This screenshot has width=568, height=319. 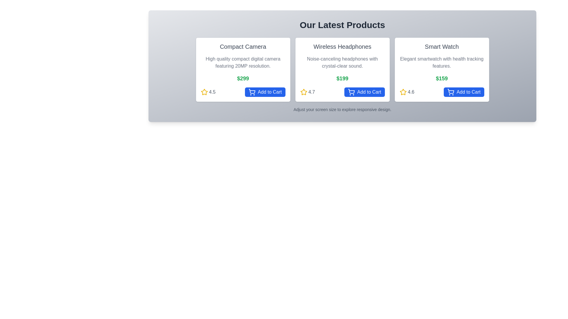 I want to click on the rating indicator icon located within the Smart Watch product card, positioned to the left of the text '4.6' and below the text '$159', so click(x=403, y=92).